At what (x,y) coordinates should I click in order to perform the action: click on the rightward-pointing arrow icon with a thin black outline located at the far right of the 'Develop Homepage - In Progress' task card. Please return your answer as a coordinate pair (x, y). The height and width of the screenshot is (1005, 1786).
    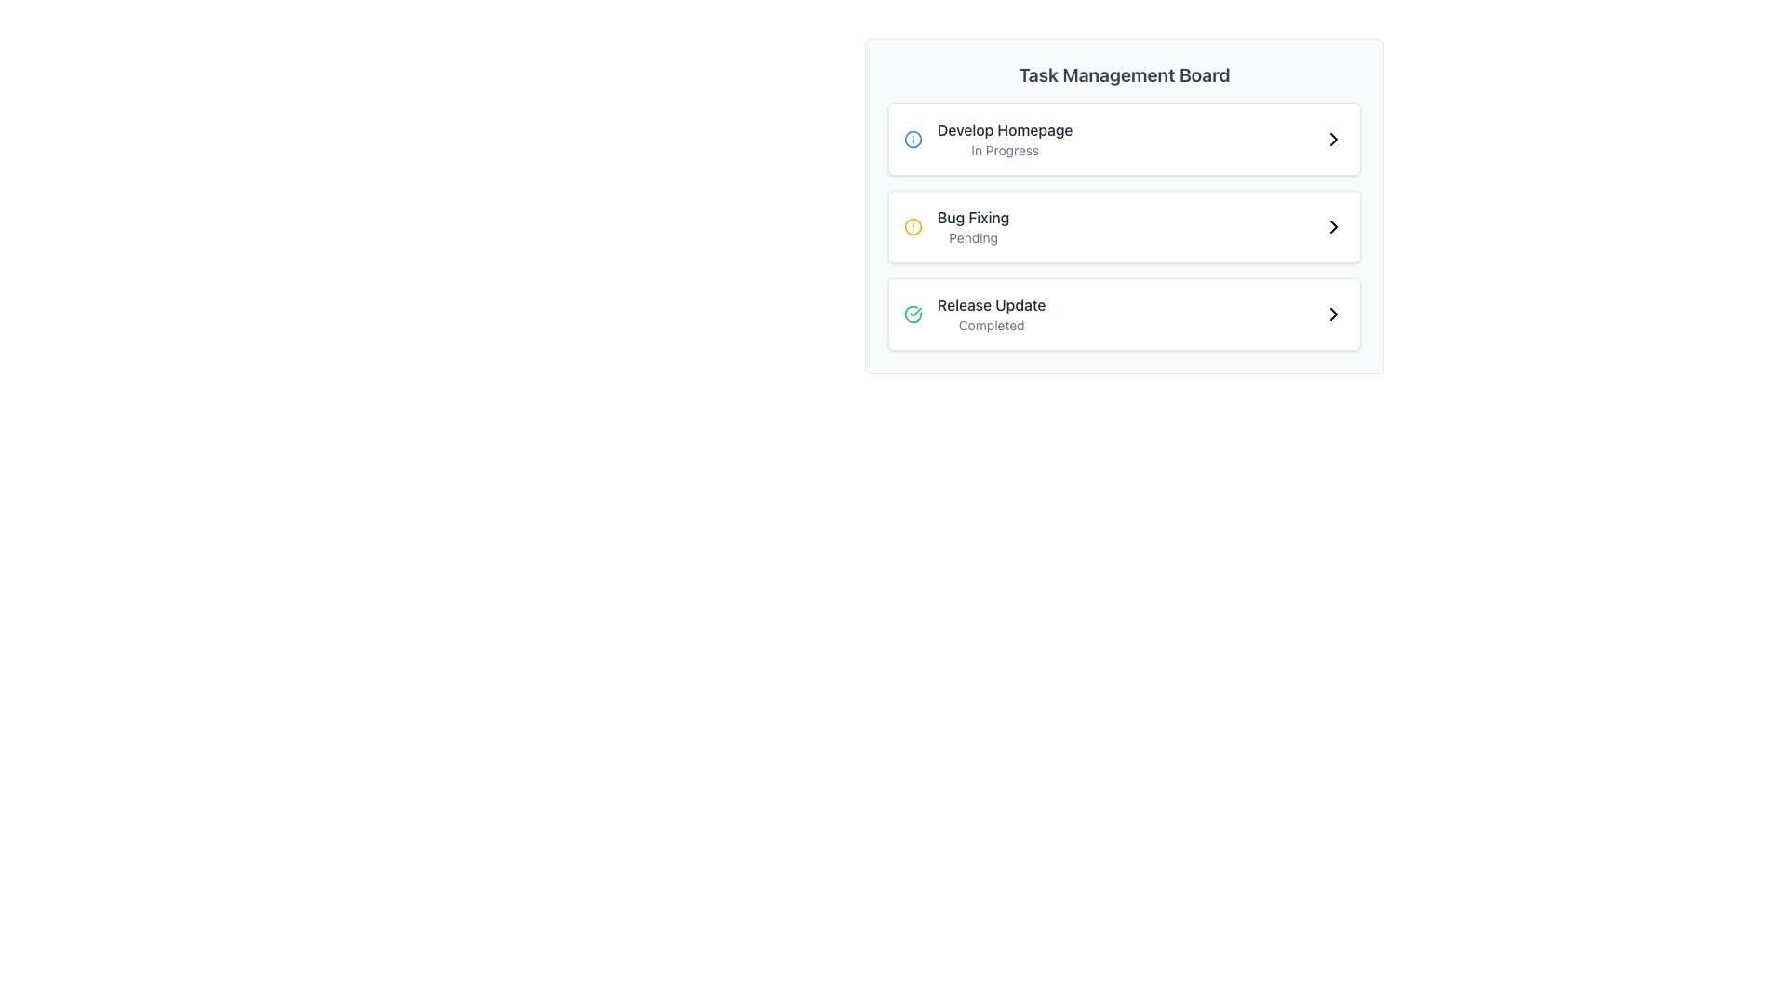
    Looking at the image, I should click on (1333, 139).